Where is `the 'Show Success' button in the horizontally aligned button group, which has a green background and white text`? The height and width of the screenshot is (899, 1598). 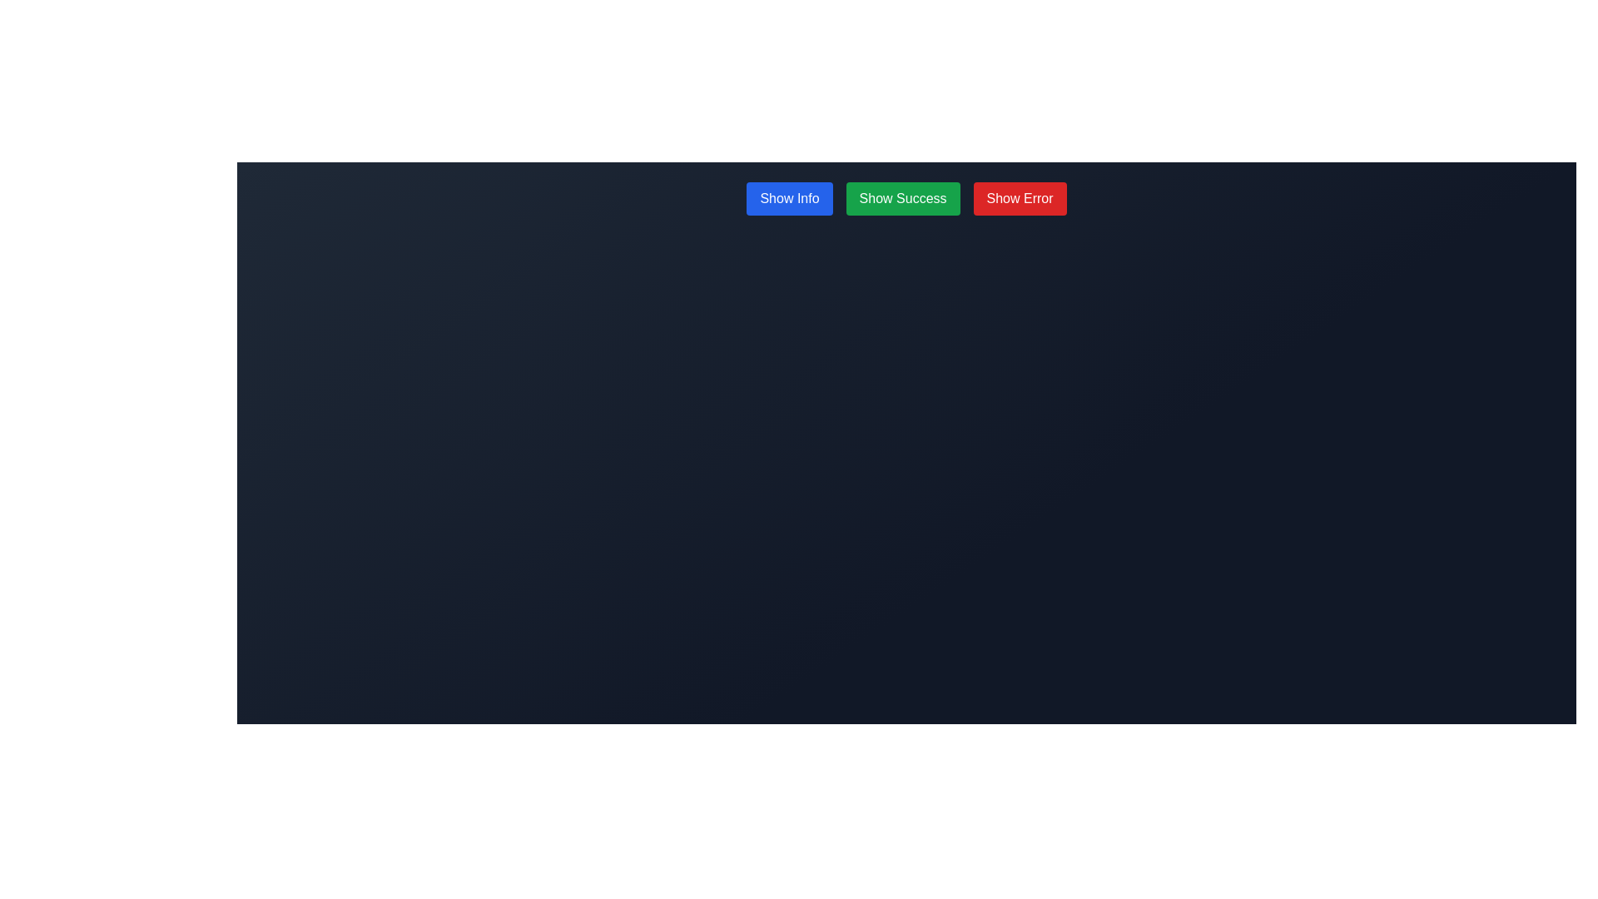
the 'Show Success' button in the horizontally aligned button group, which has a green background and white text is located at coordinates (906, 198).